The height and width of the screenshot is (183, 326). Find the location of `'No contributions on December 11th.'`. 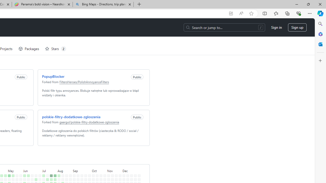

'No contributions on December 11th.' is located at coordinates (127, 169).